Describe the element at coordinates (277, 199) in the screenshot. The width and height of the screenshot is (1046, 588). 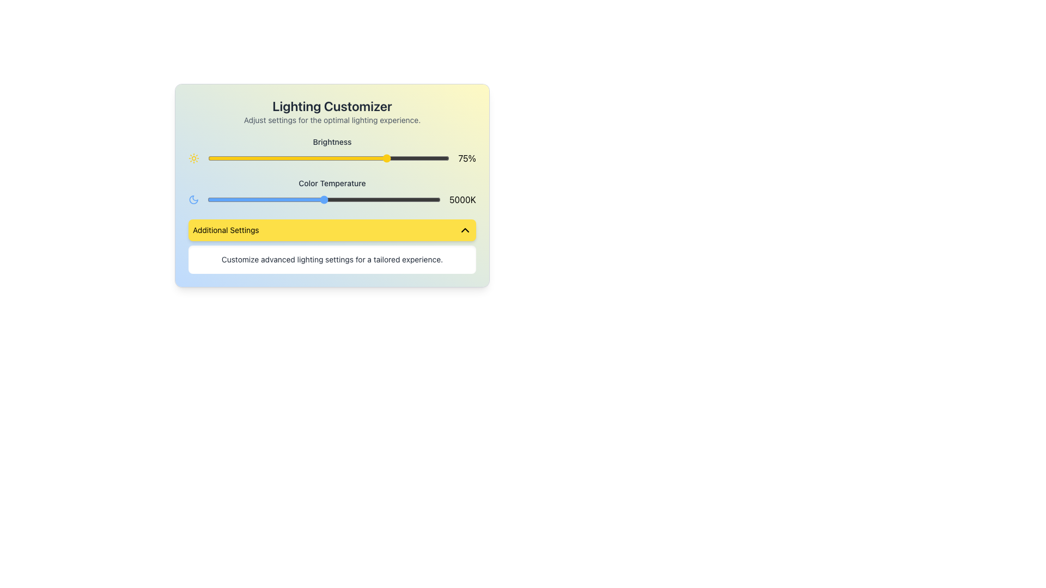
I see `the color temperature` at that location.